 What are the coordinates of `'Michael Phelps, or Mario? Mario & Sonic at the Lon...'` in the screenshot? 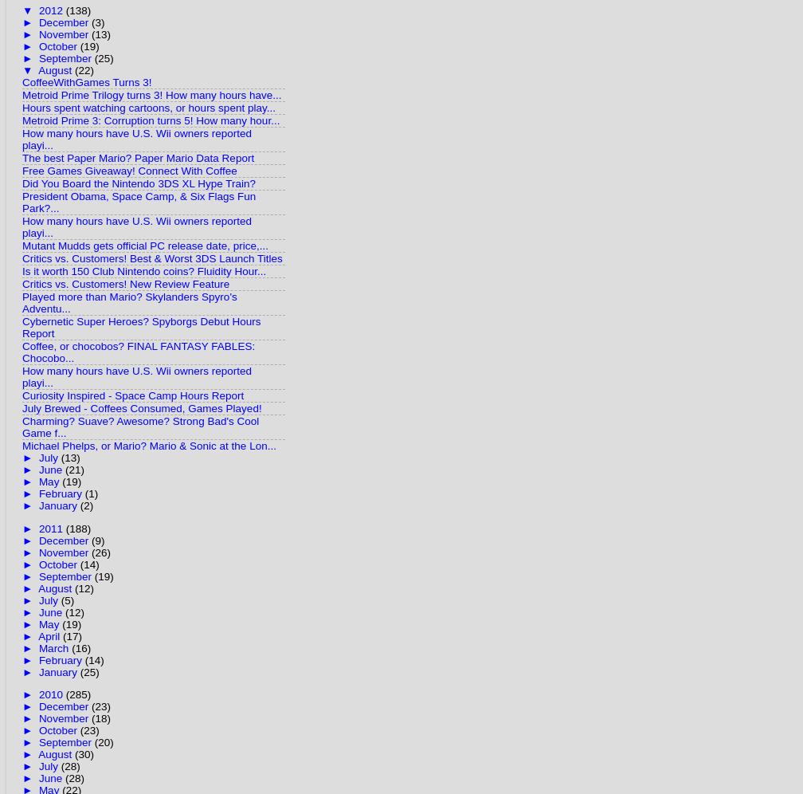 It's located at (22, 445).